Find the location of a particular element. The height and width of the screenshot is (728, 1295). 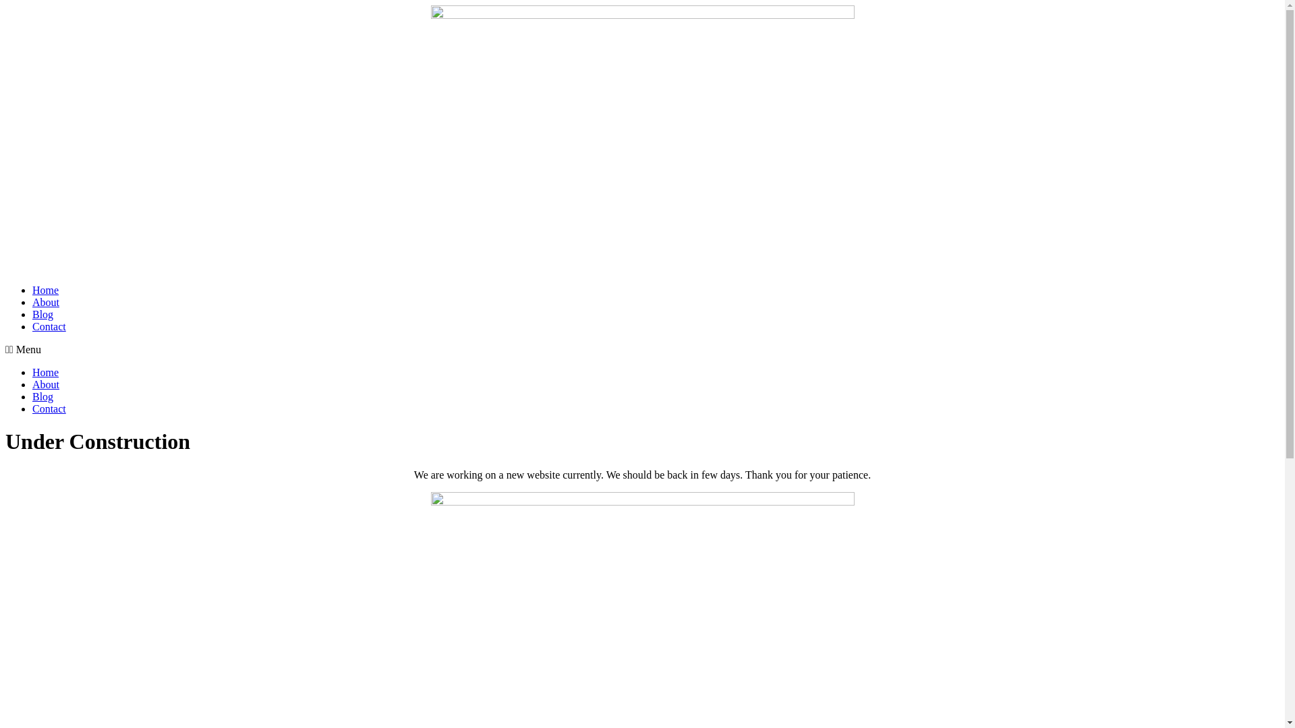

'Home' is located at coordinates (32, 289).